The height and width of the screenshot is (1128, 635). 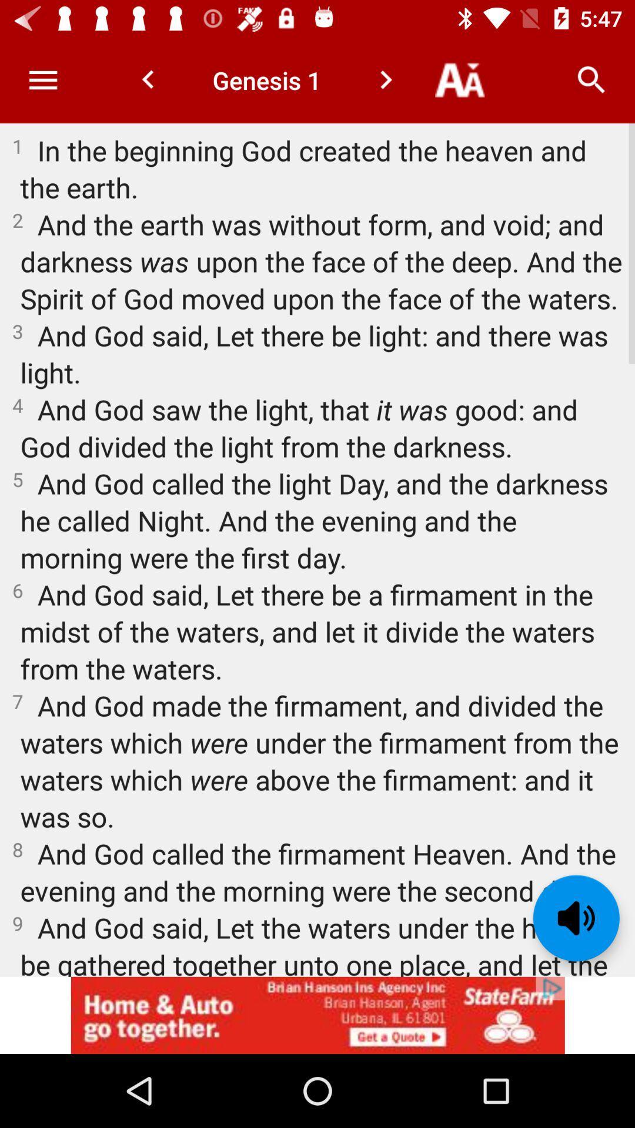 What do you see at coordinates (576, 918) in the screenshot?
I see `audio` at bounding box center [576, 918].